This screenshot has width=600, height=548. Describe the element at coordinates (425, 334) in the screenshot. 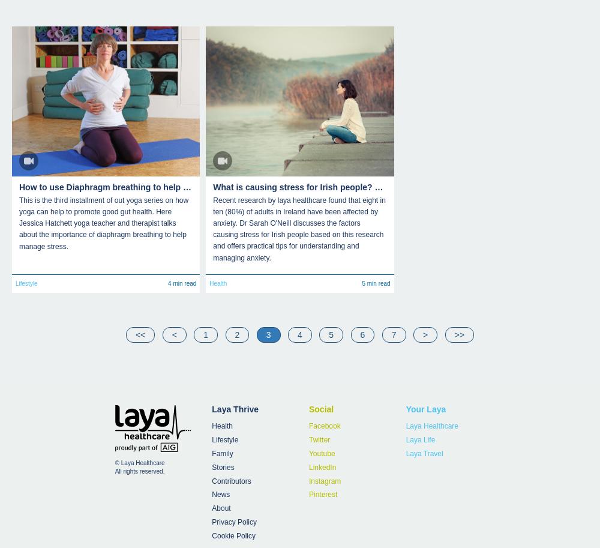

I see `'>'` at that location.